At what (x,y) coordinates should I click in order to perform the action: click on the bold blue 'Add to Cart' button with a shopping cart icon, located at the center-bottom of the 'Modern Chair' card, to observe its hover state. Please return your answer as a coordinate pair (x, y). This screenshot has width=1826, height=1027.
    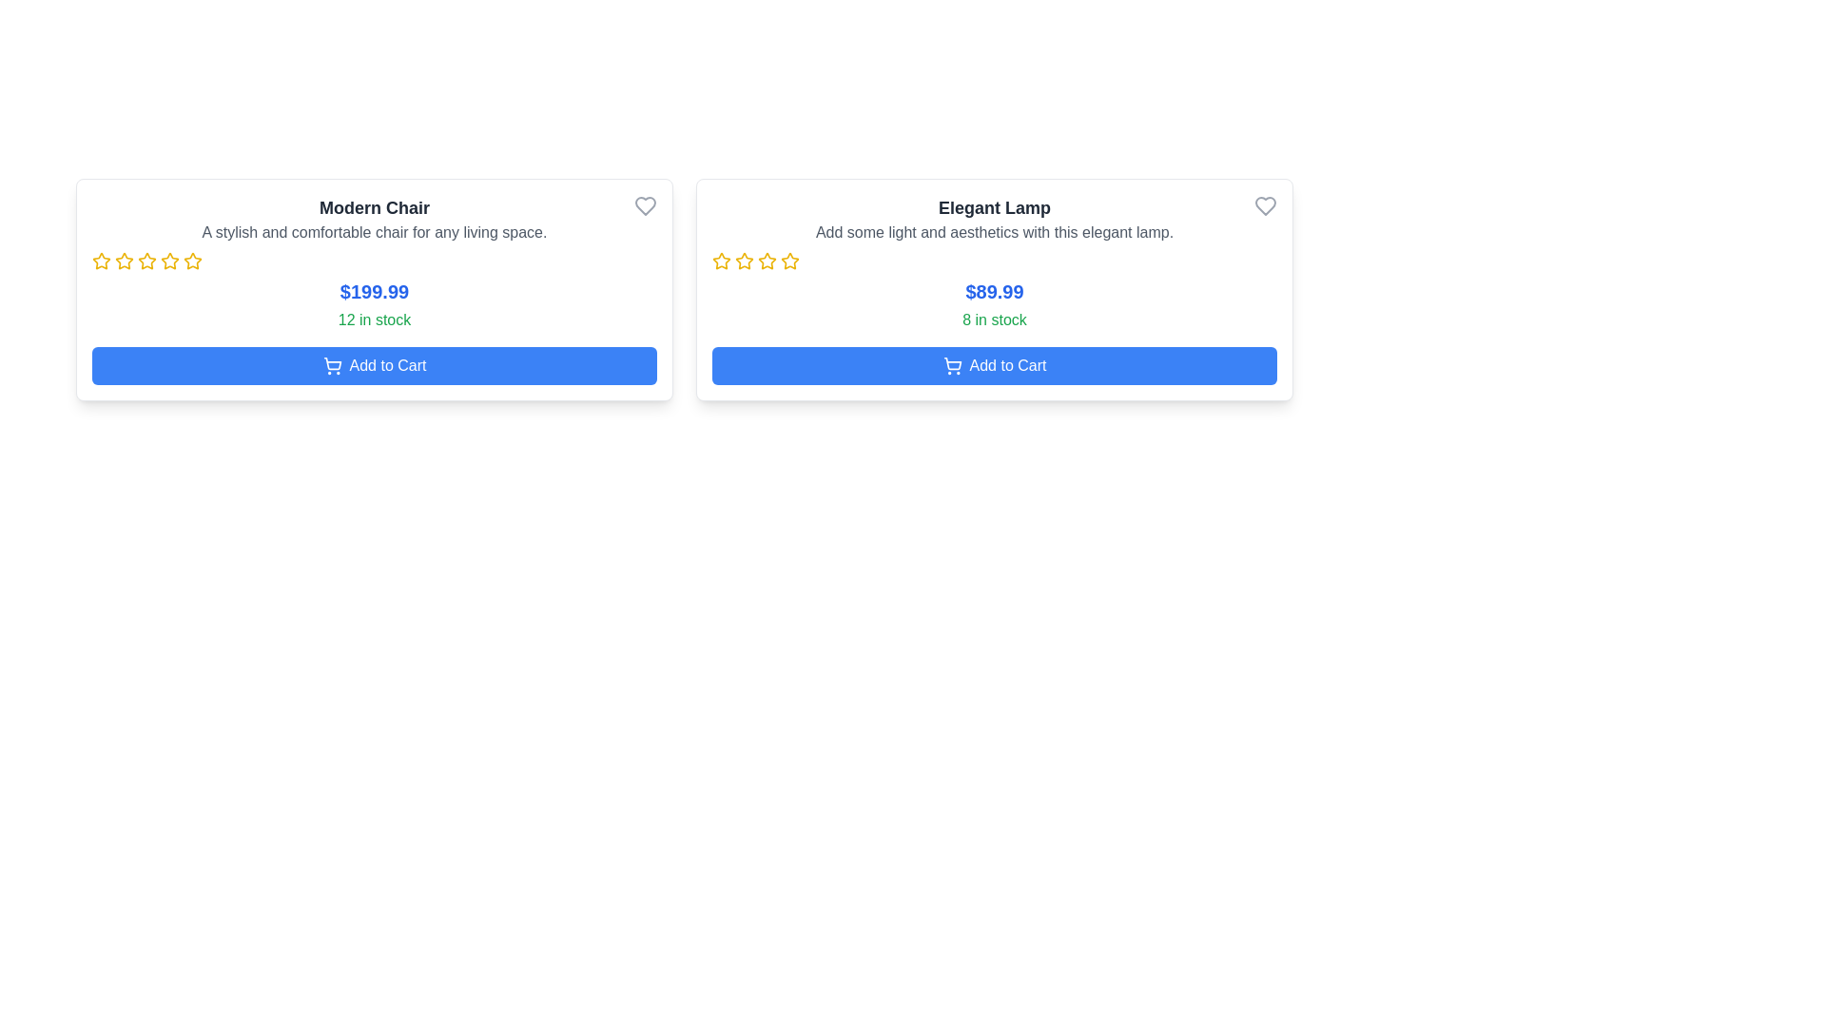
    Looking at the image, I should click on (374, 366).